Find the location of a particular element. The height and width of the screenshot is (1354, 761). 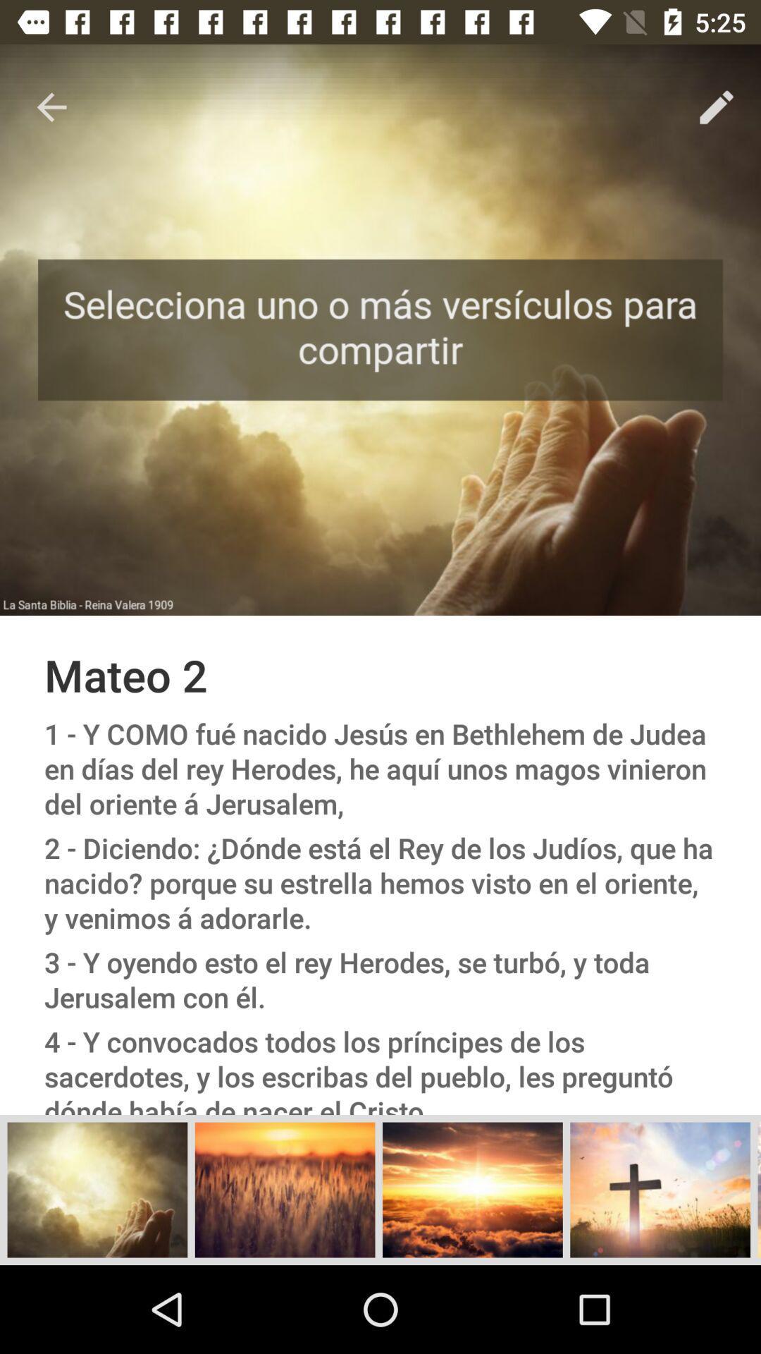

the item at the top right corner is located at coordinates (717, 106).